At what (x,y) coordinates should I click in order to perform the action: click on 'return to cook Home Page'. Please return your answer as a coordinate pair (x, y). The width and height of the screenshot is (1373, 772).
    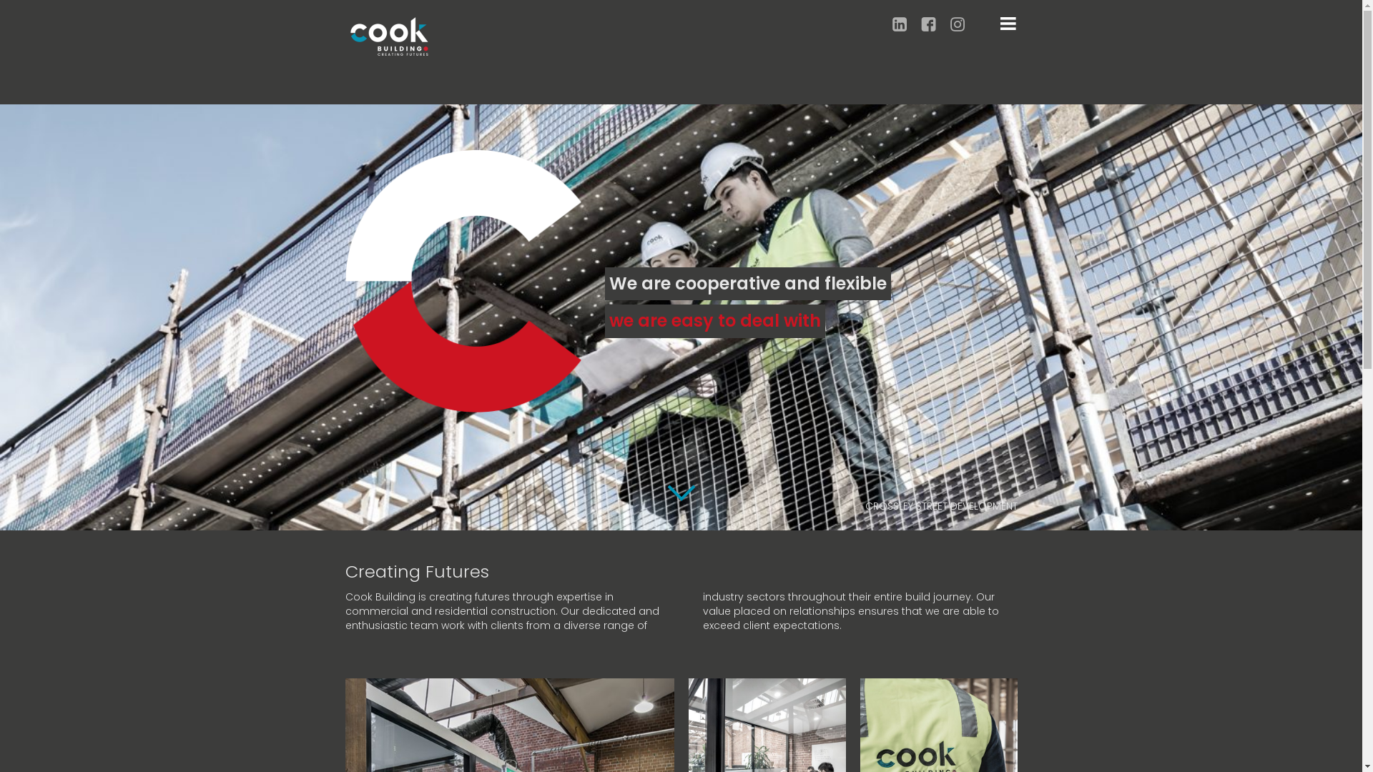
    Looking at the image, I should click on (388, 35).